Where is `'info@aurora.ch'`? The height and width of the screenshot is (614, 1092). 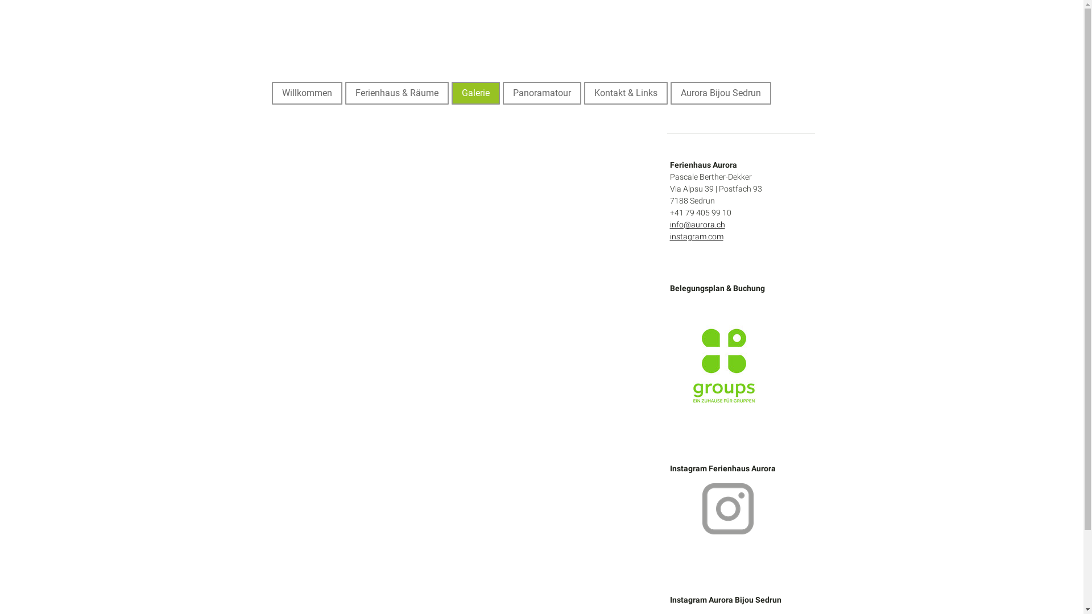
'info@aurora.ch' is located at coordinates (697, 224).